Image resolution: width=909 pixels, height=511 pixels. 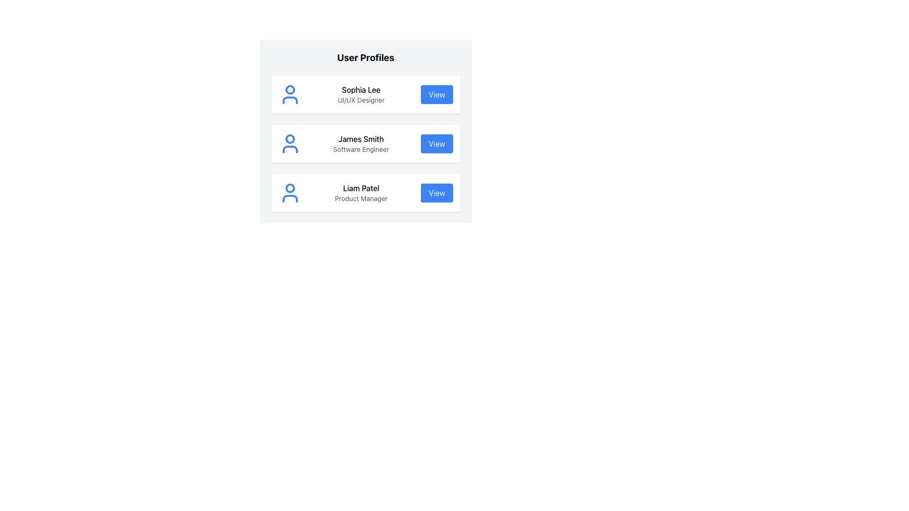 I want to click on the text label that identifies the profession or role of the user, positioned directly below the name 'Sophia Lee' in the user profile details box, so click(x=361, y=100).